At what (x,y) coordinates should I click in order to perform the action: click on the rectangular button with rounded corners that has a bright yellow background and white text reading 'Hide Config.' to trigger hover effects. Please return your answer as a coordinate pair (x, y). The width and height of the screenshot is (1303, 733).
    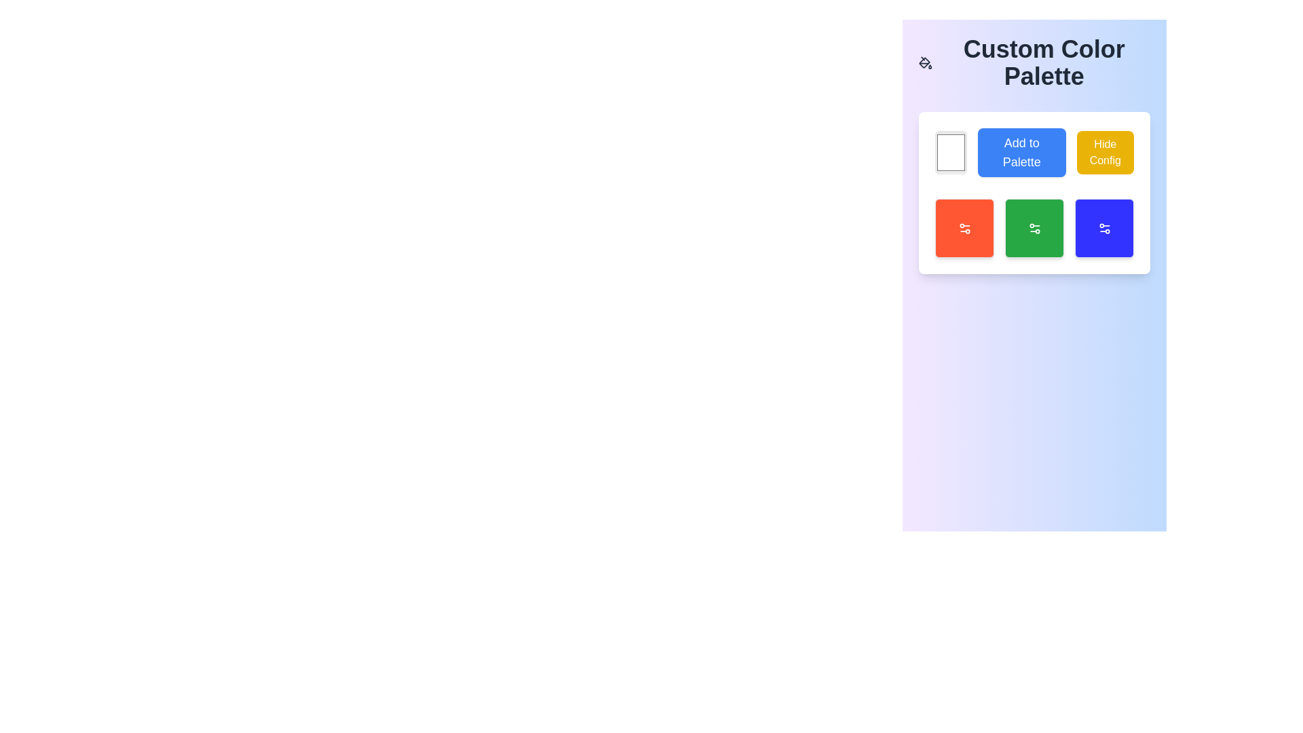
    Looking at the image, I should click on (1105, 152).